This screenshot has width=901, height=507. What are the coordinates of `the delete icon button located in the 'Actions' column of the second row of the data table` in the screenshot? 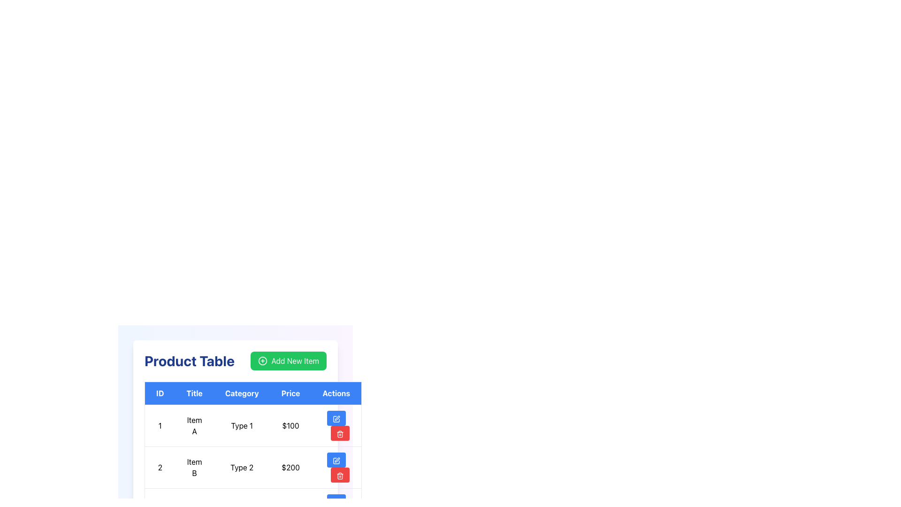 It's located at (339, 476).